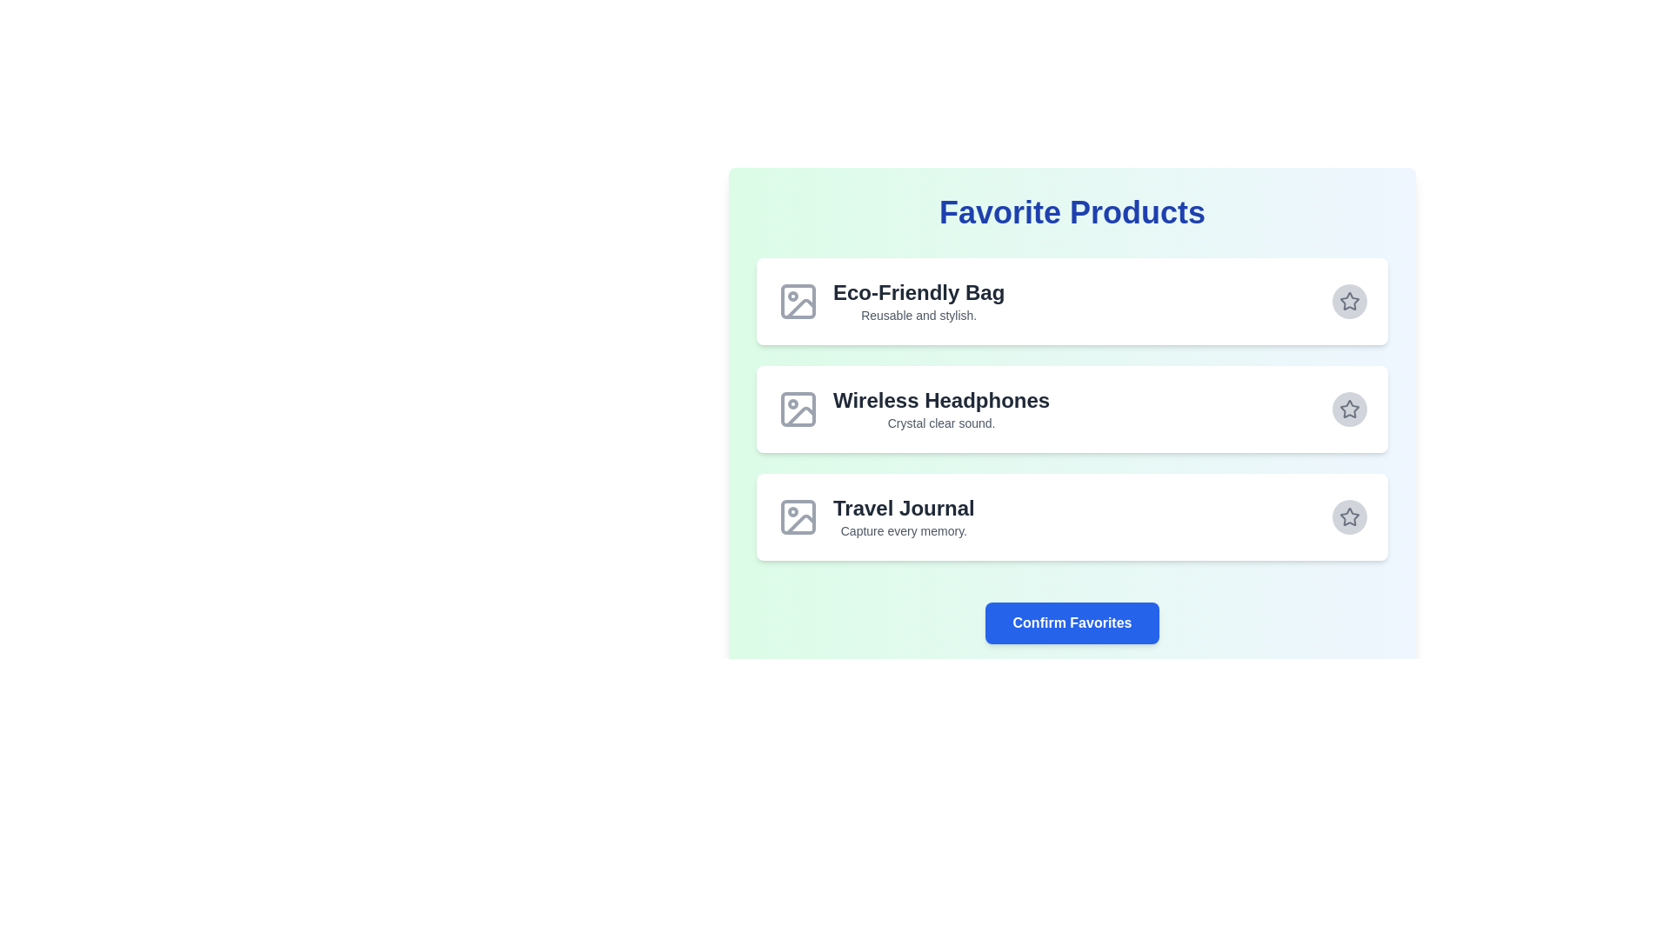  I want to click on the 'Confirm Favorites' button to confirm the selections, so click(1072, 623).